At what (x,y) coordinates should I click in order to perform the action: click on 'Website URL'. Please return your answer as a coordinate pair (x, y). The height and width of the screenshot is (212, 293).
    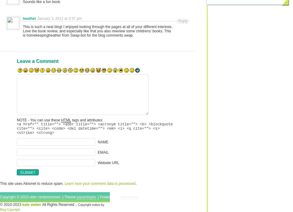
    Looking at the image, I should click on (108, 162).